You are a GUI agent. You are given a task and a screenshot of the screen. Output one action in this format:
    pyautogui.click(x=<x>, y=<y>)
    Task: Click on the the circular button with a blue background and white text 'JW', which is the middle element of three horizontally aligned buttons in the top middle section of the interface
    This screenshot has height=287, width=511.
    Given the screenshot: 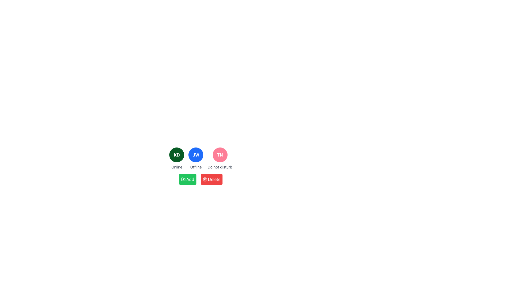 What is the action you would take?
    pyautogui.click(x=196, y=155)
    